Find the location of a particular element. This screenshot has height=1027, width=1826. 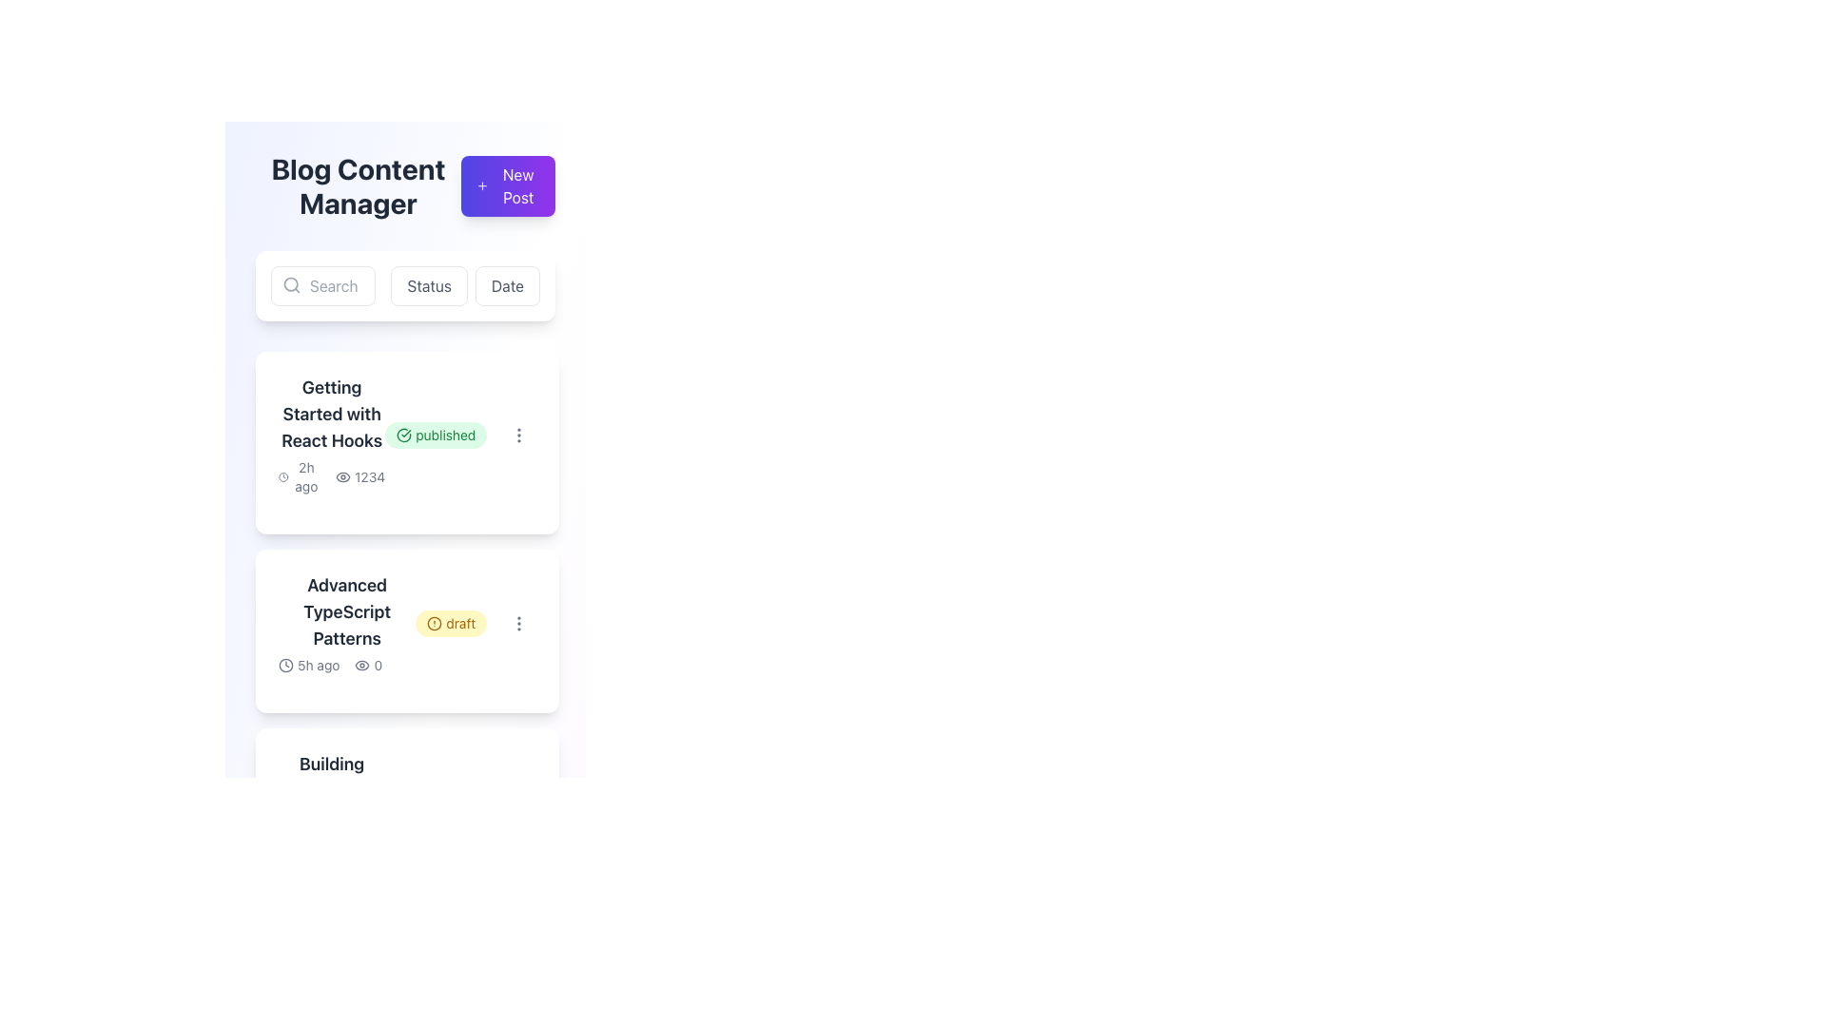

the multi-line textual content block displaying the title 'Getting Started with React Hooks' is located at coordinates (332, 436).